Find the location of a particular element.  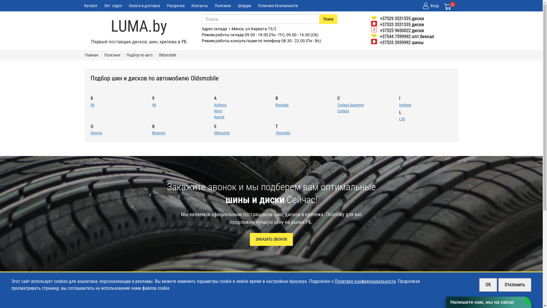

'Toronado' is located at coordinates (275, 133).